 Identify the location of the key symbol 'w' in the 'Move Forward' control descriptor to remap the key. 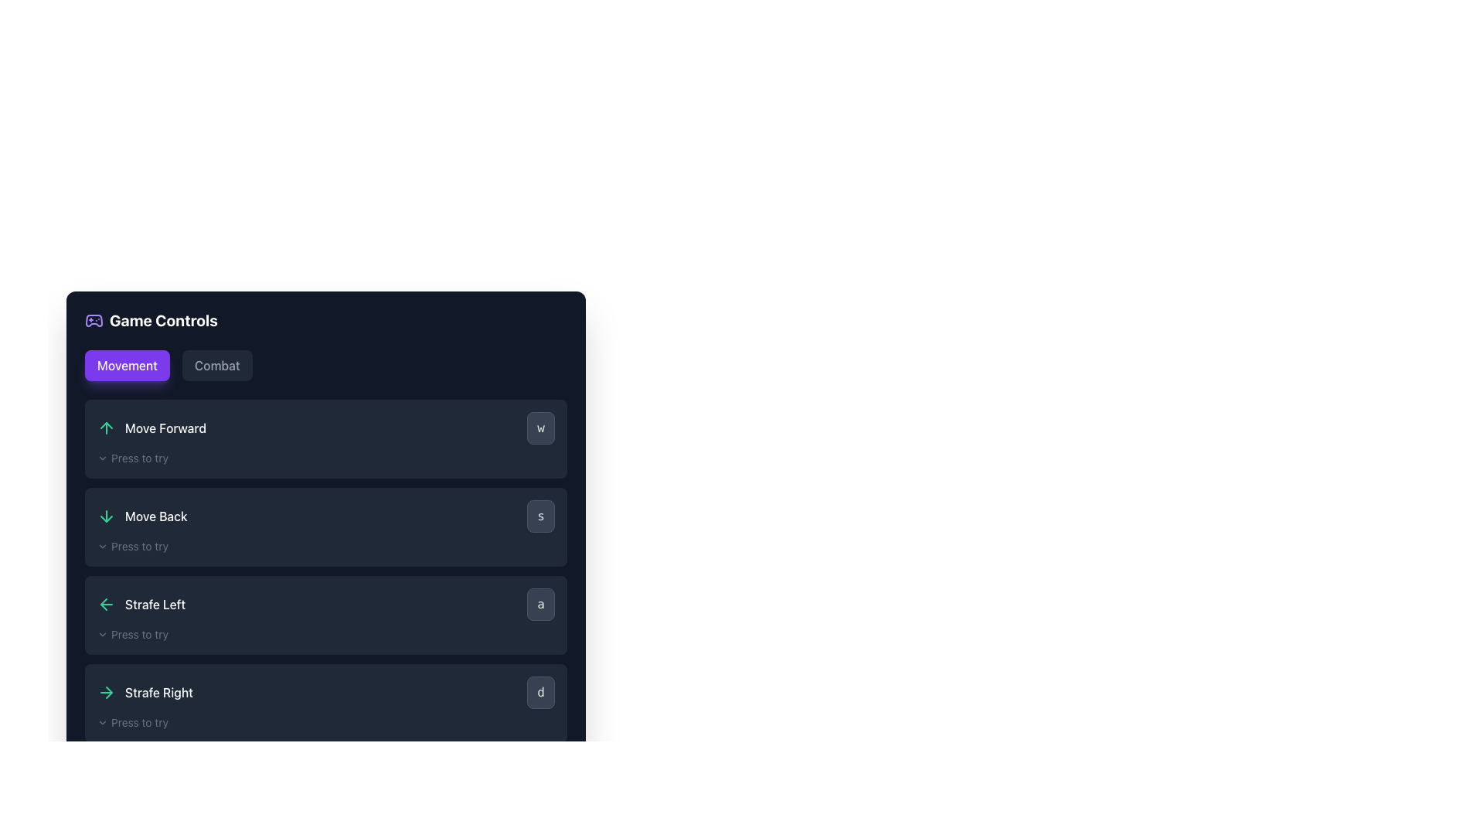
(325, 428).